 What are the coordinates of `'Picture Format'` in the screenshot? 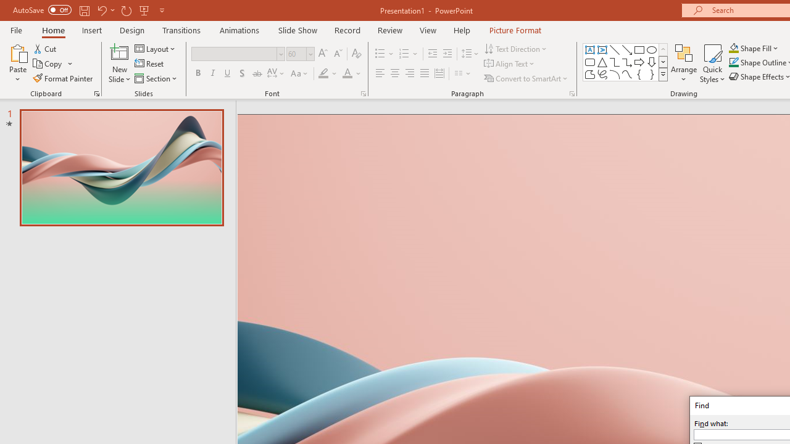 It's located at (515, 30).